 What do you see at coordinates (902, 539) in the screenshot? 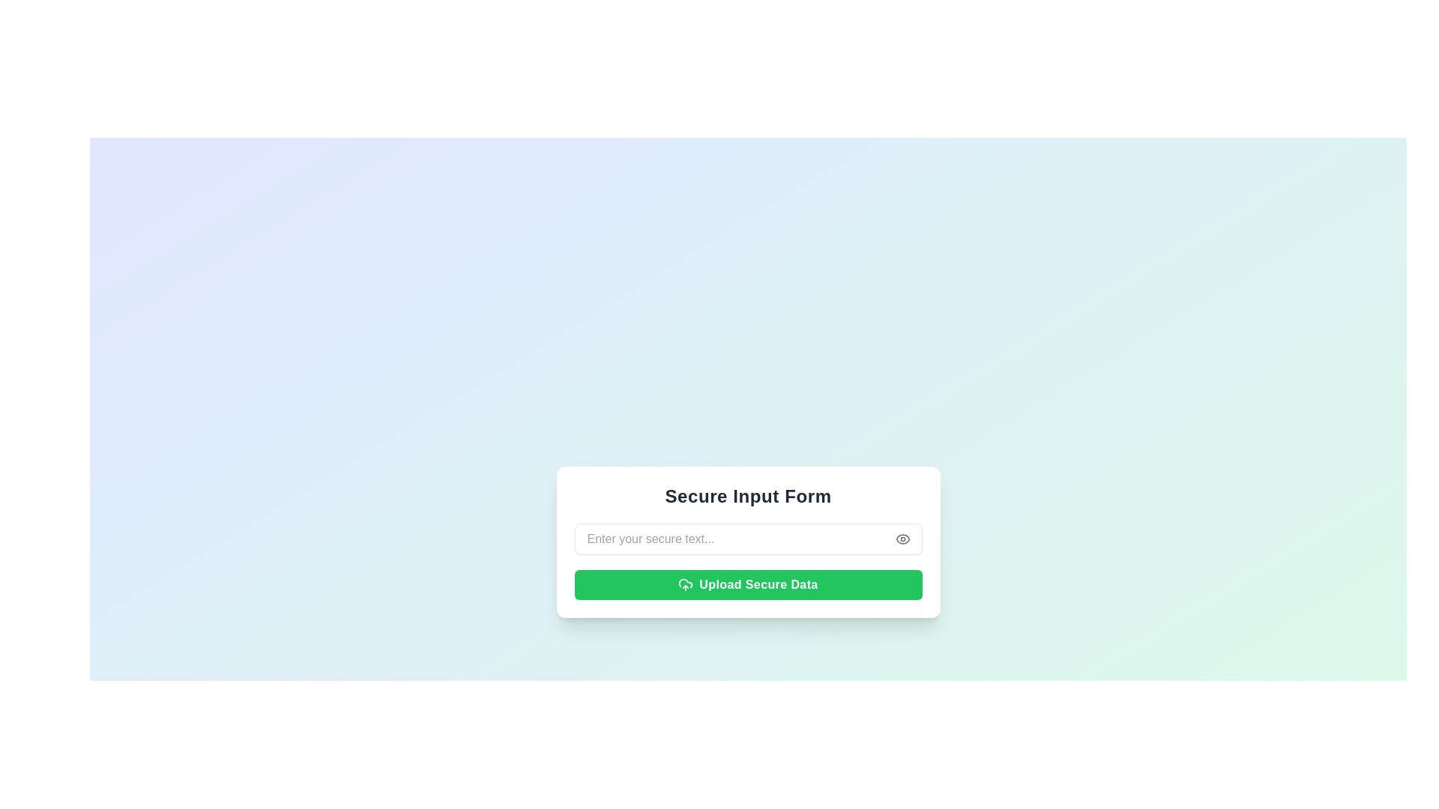
I see `the eye icon used to toggle visibility in the 'Secure Input Form', which is styled with gray color and a circular outline, located near the right edge of the input text field` at bounding box center [902, 539].